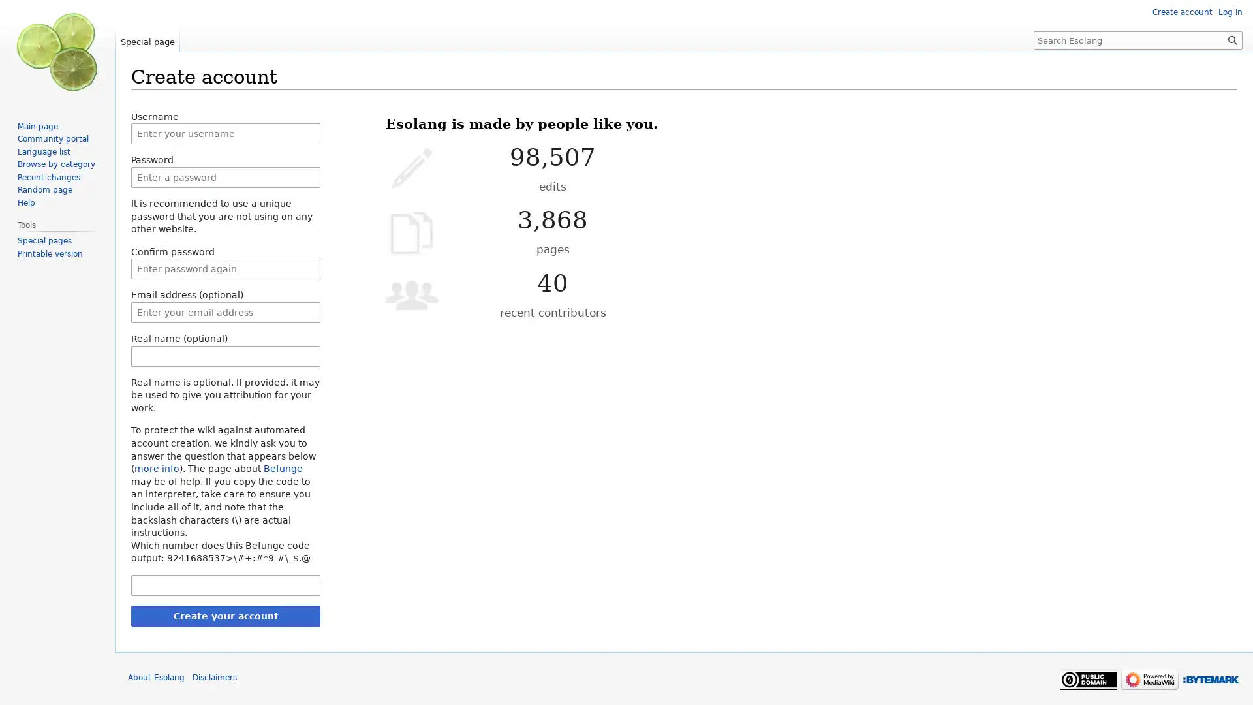  I want to click on Create your account, so click(225, 615).